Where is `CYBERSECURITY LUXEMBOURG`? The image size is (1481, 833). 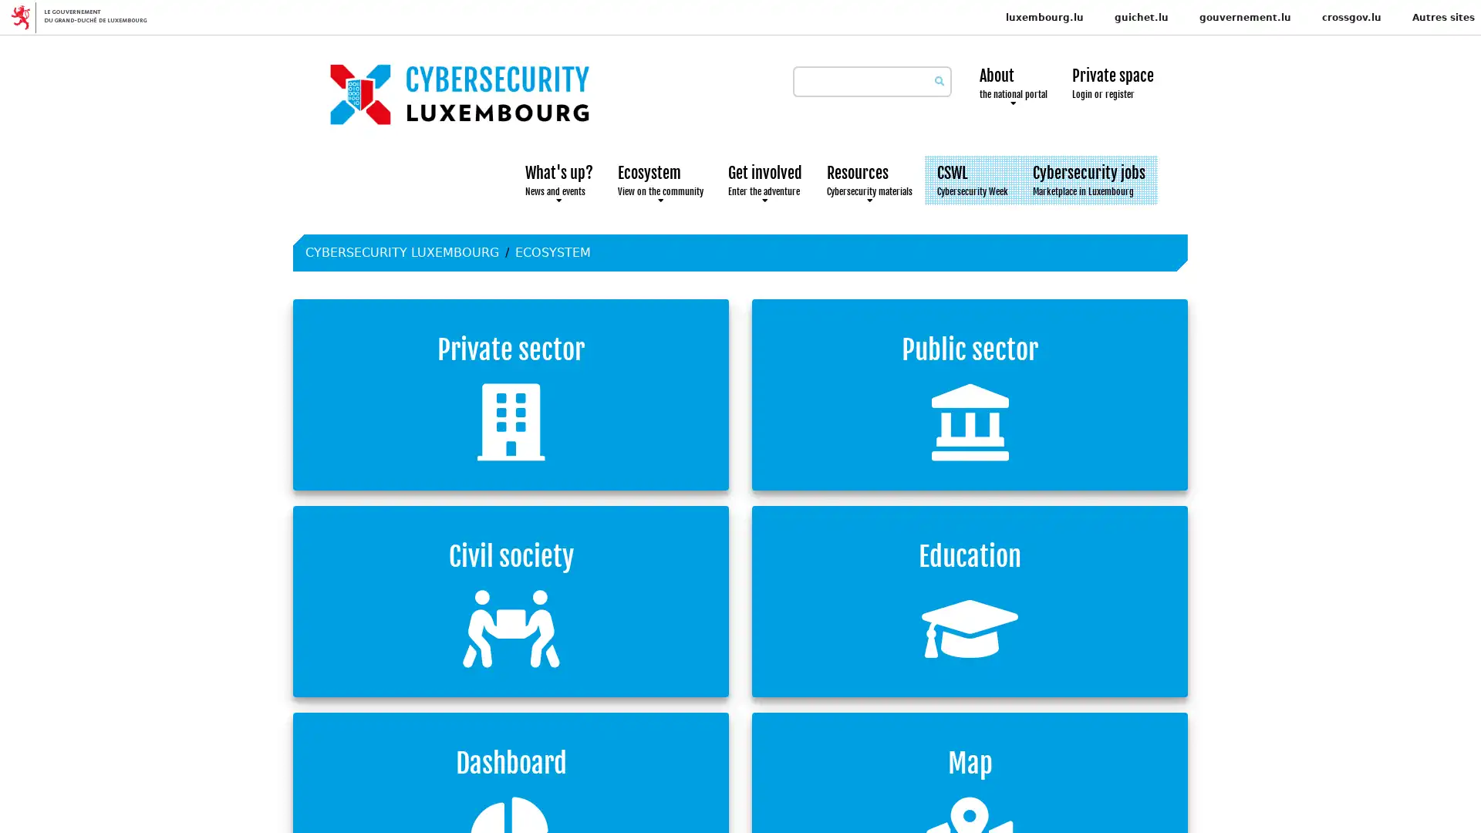 CYBERSECURITY LUXEMBOURG is located at coordinates (402, 251).